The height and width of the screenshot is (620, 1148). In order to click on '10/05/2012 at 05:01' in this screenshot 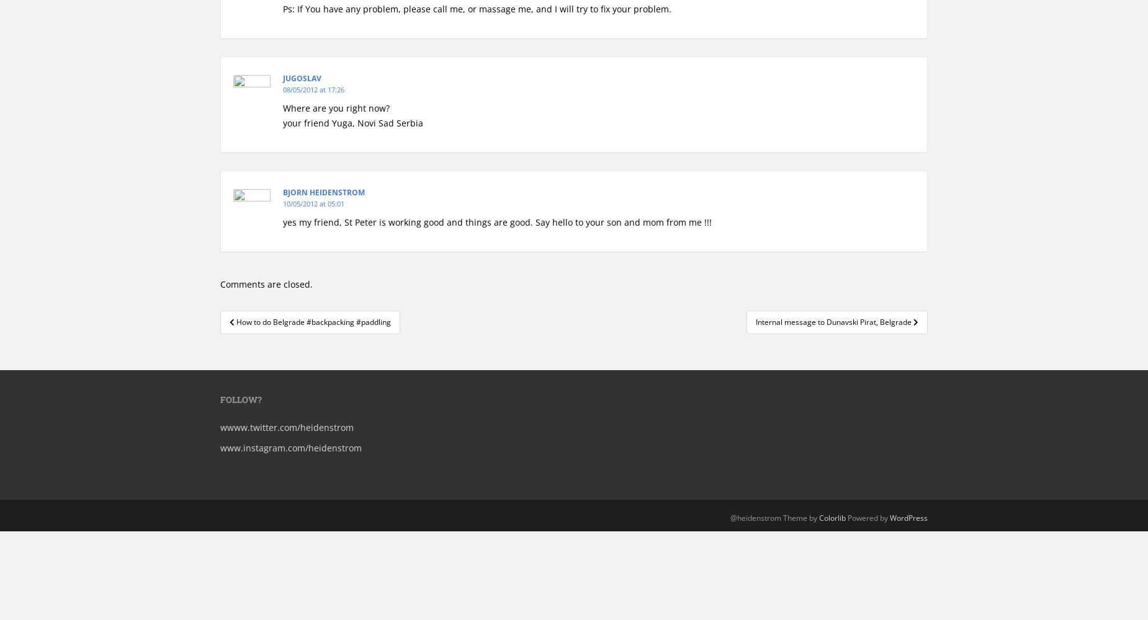, I will do `click(313, 203)`.